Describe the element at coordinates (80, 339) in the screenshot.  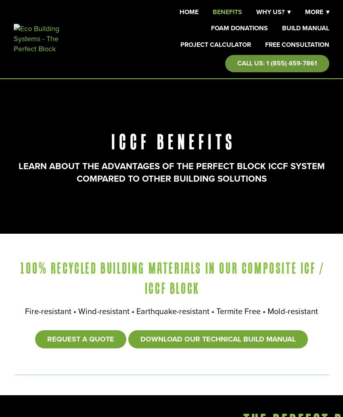
I see `'Request A Quote'` at that location.